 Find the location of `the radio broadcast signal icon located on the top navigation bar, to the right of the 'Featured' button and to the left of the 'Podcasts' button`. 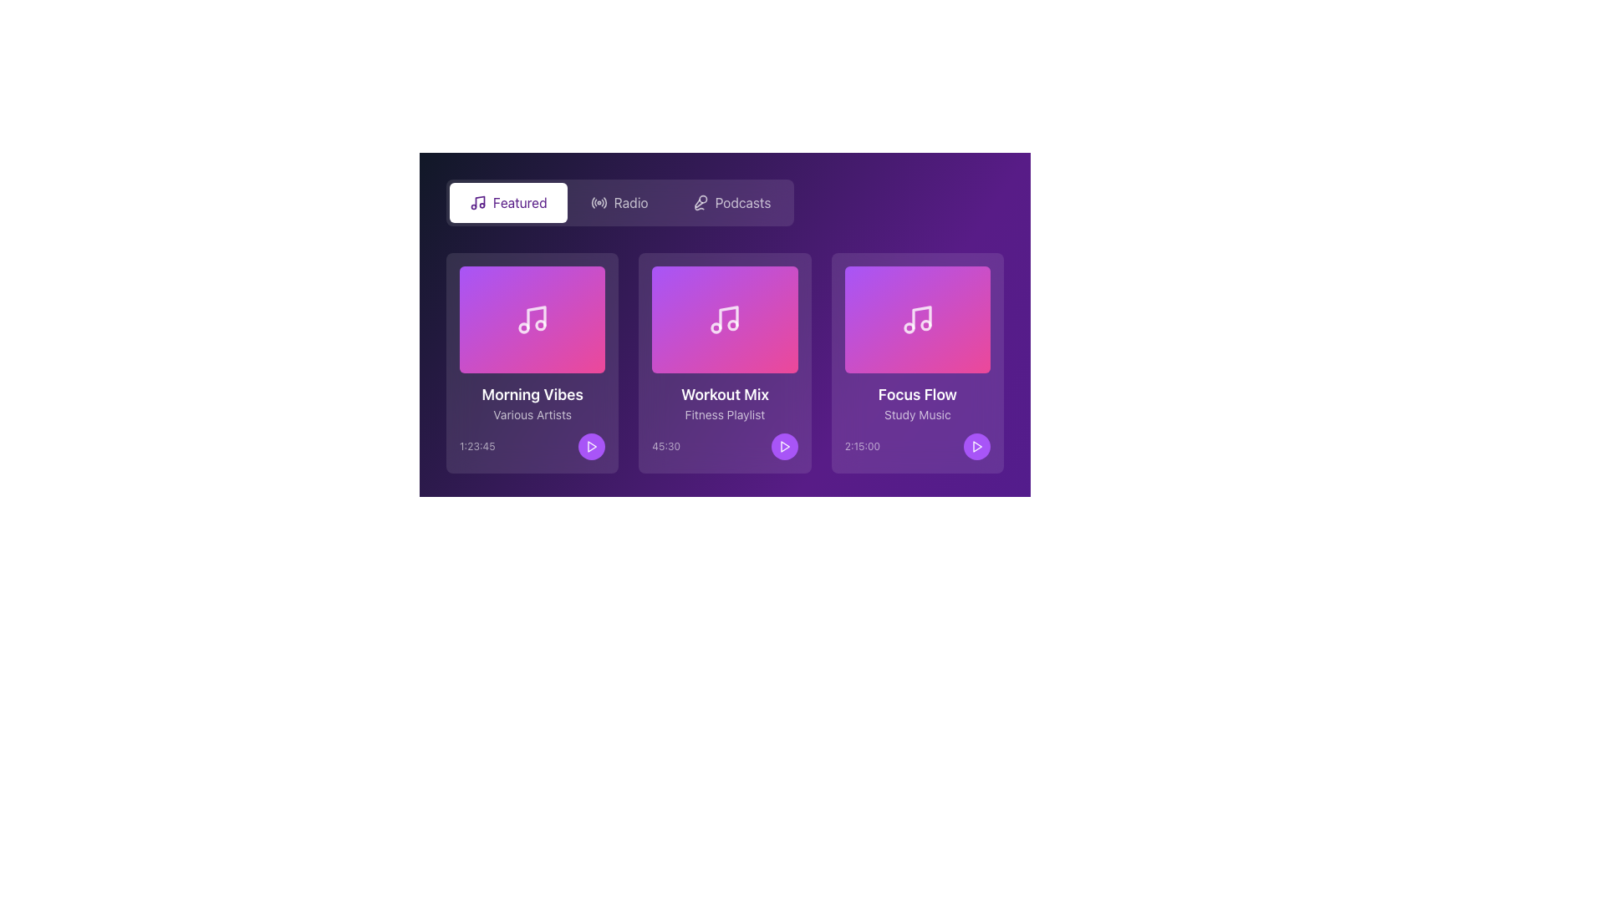

the radio broadcast signal icon located on the top navigation bar, to the right of the 'Featured' button and to the left of the 'Podcasts' button is located at coordinates (599, 202).